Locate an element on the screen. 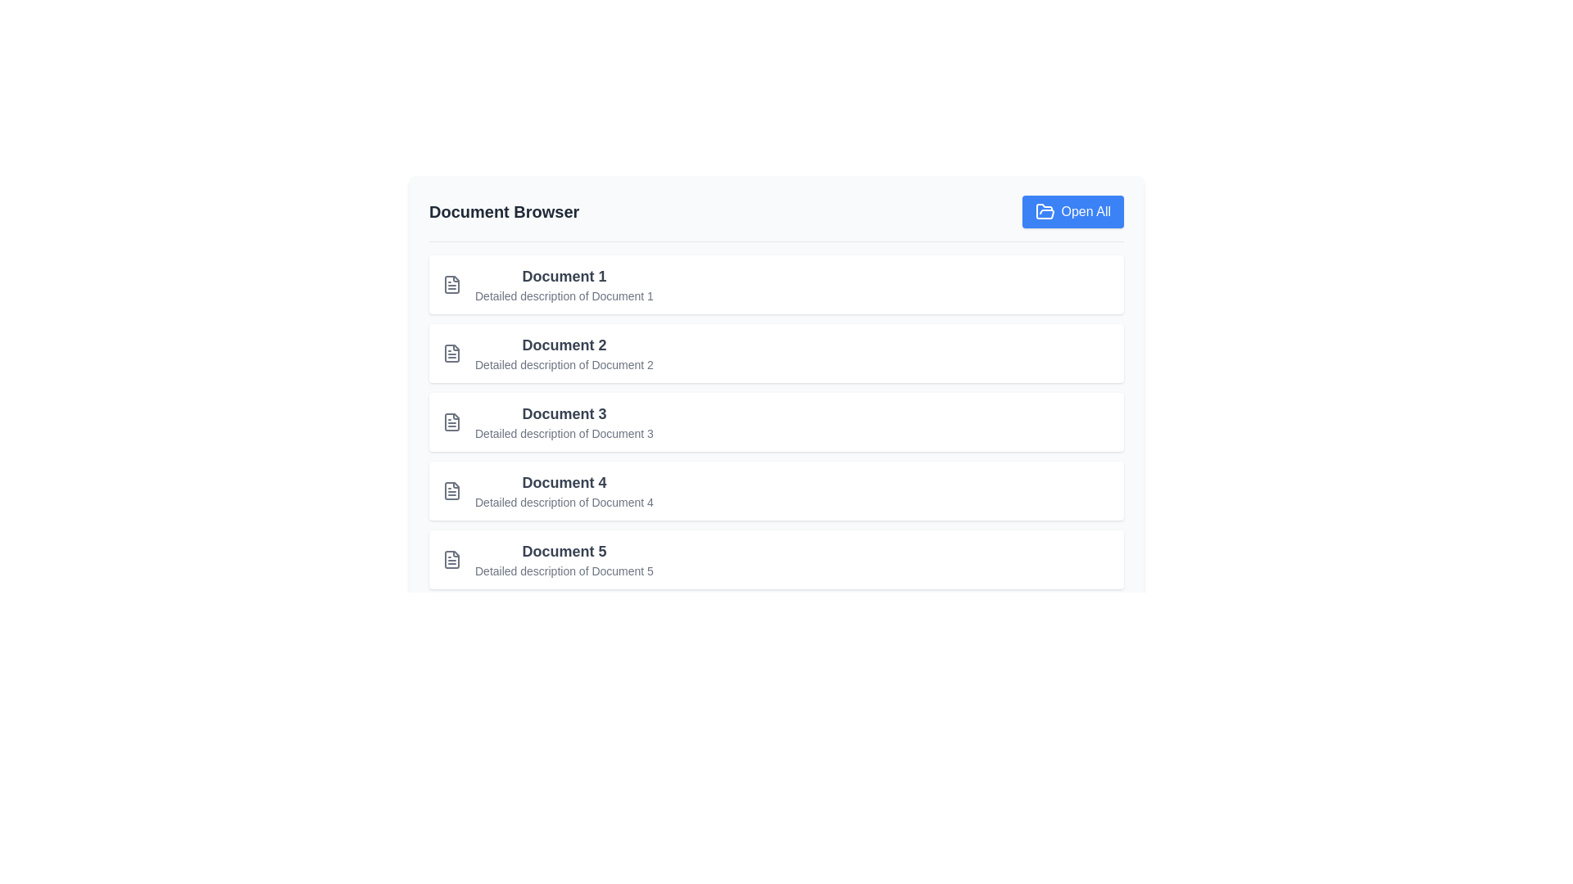 This screenshot has height=884, width=1573. the third item in the document list which presents the title and description for 'Document 3' is located at coordinates (564, 422).